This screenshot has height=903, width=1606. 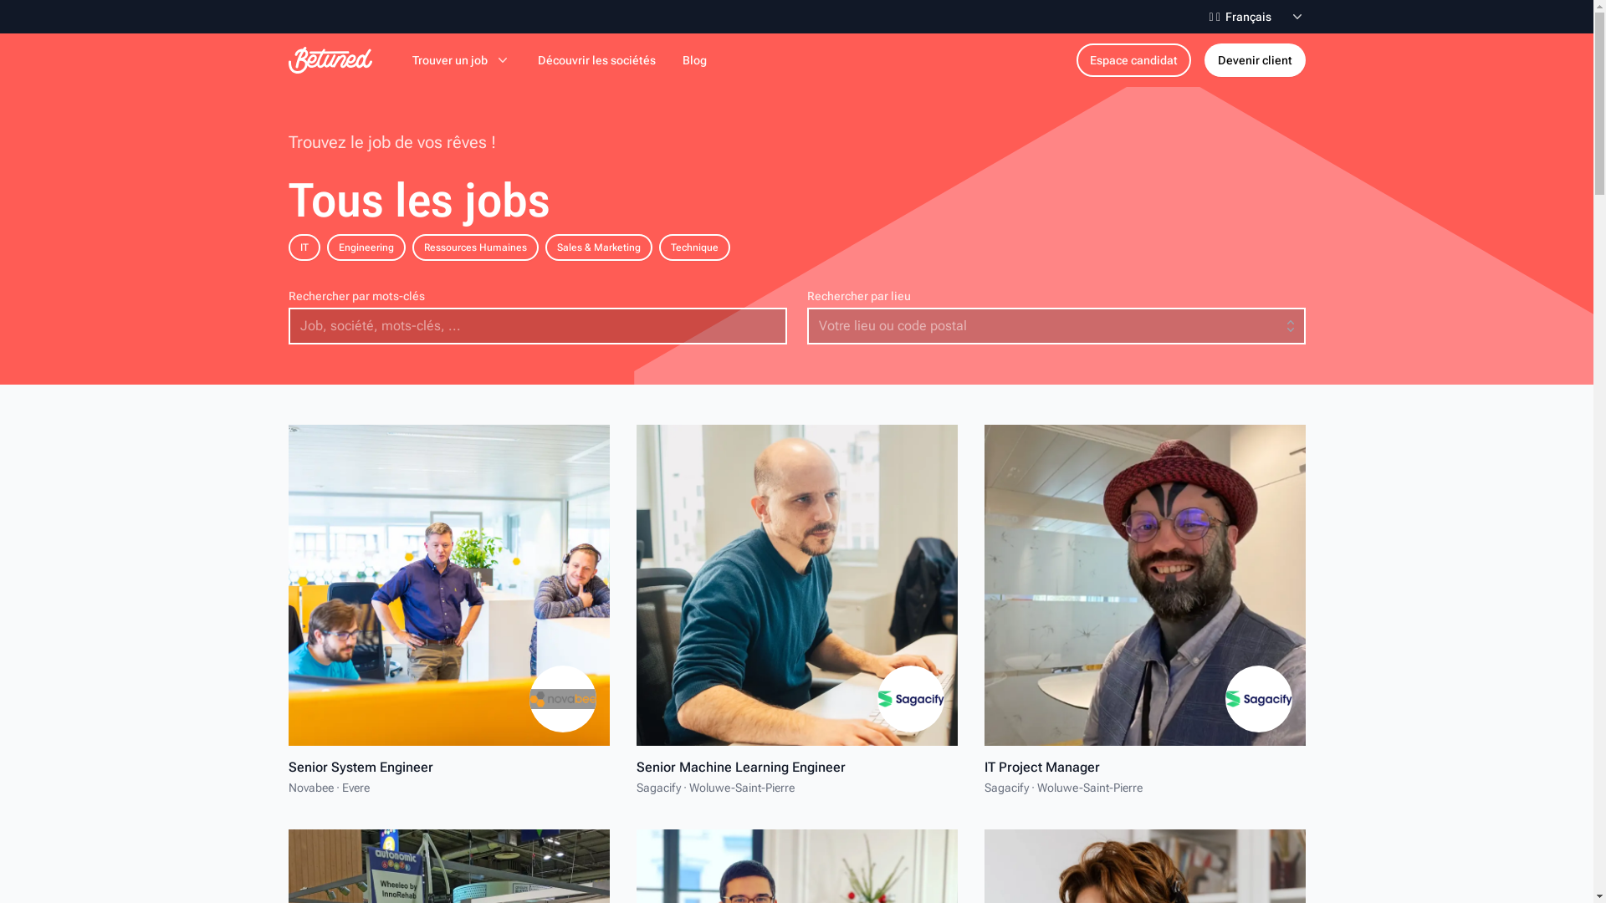 What do you see at coordinates (1076, 59) in the screenshot?
I see `'Espace candidat'` at bounding box center [1076, 59].